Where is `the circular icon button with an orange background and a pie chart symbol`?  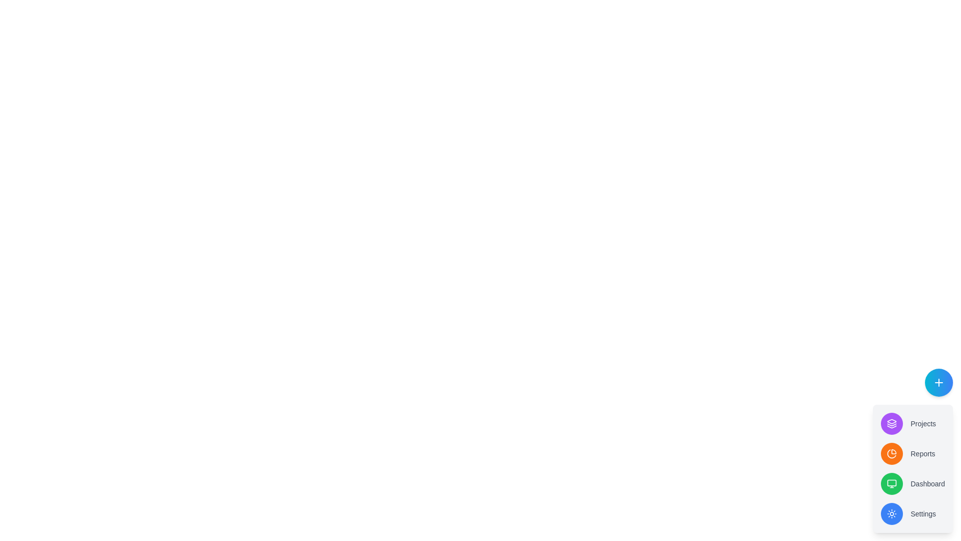
the circular icon button with an orange background and a pie chart symbol is located at coordinates (891, 454).